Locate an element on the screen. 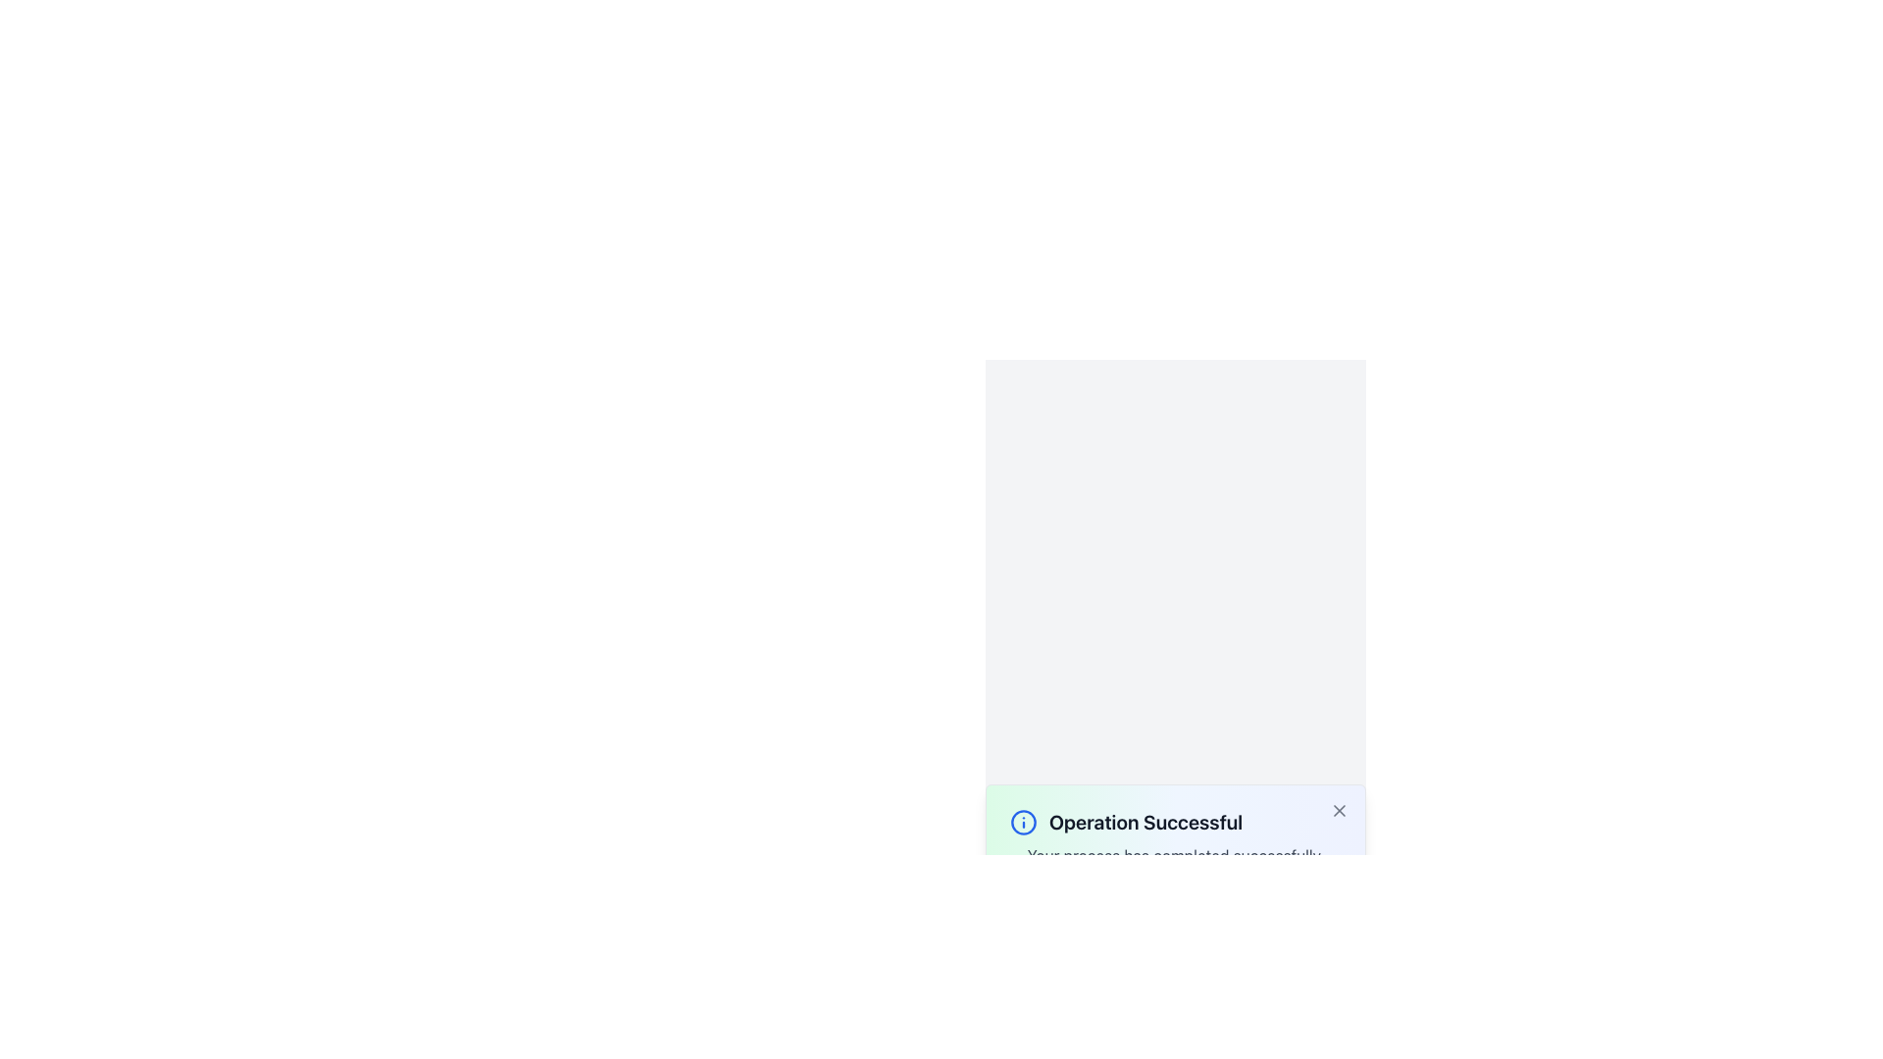  the static text element that indicates the successful completion of an operation, located to the right of the circular blue 'info' icon is located at coordinates (1145, 823).